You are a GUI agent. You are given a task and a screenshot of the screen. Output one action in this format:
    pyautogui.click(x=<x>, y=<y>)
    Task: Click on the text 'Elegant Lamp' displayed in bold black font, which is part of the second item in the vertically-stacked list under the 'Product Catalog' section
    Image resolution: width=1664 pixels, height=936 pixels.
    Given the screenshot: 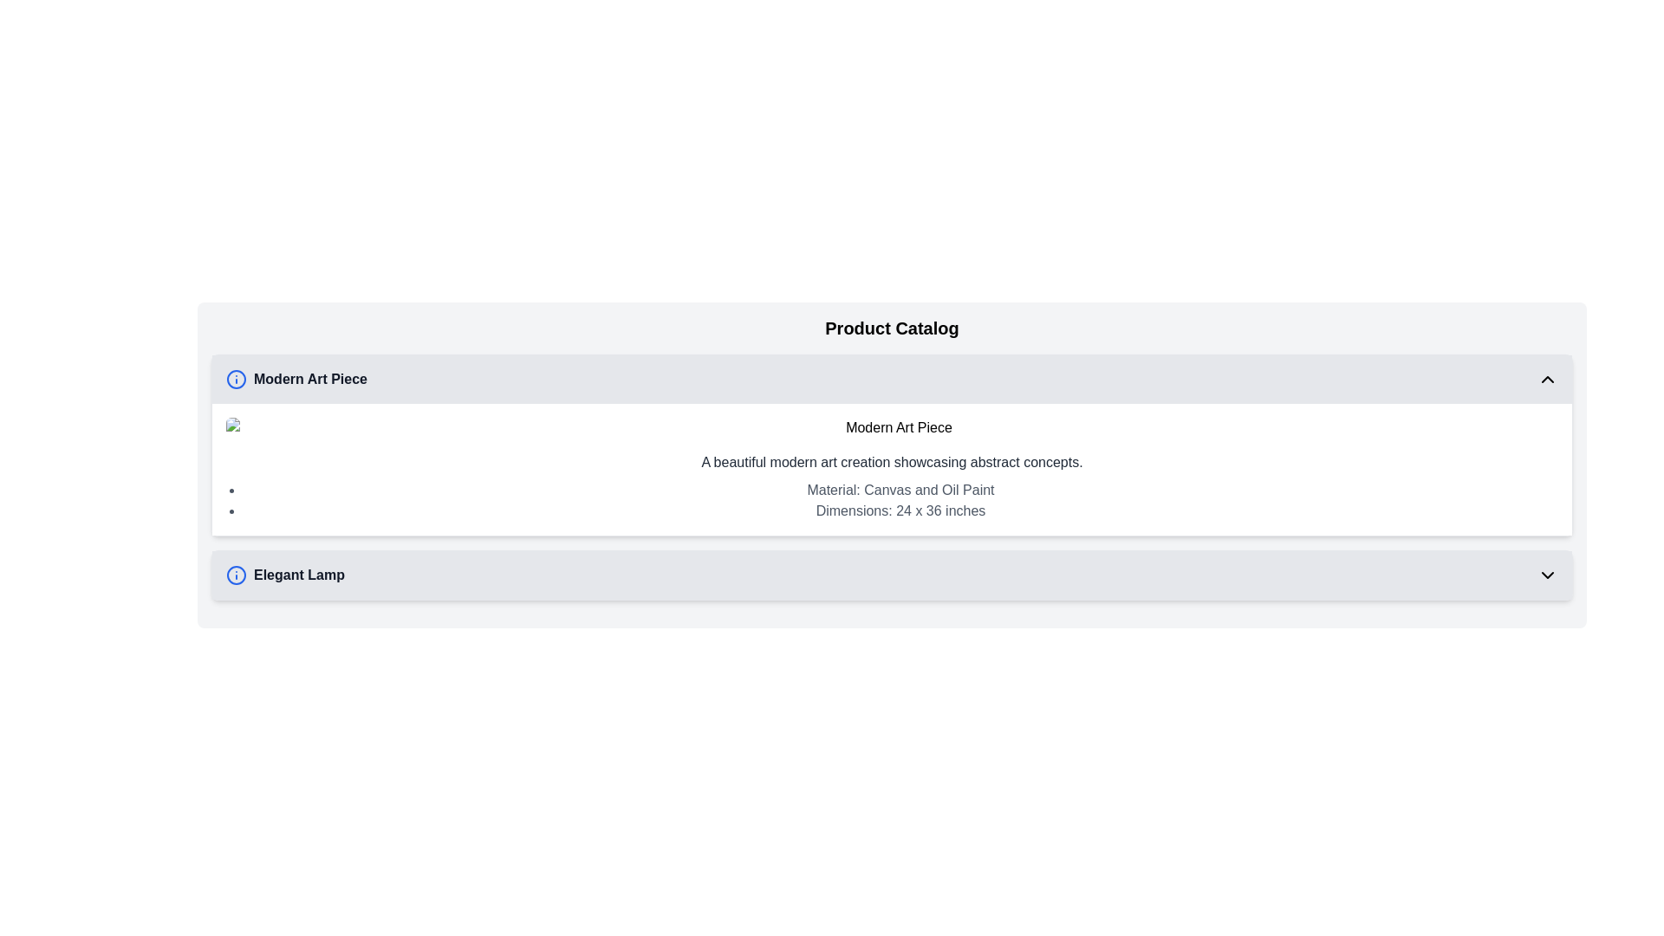 What is the action you would take?
    pyautogui.click(x=285, y=575)
    